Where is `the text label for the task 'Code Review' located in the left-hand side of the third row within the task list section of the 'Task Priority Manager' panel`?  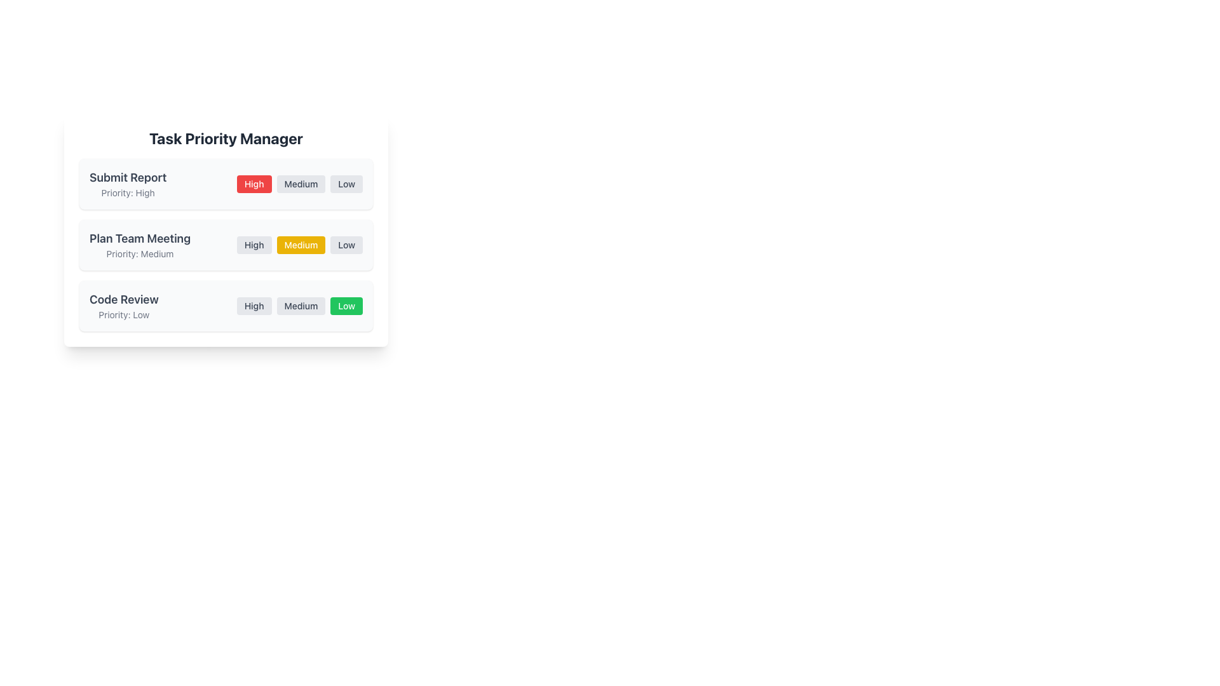
the text label for the task 'Code Review' located in the left-hand side of the third row within the task list section of the 'Task Priority Manager' panel is located at coordinates (124, 299).